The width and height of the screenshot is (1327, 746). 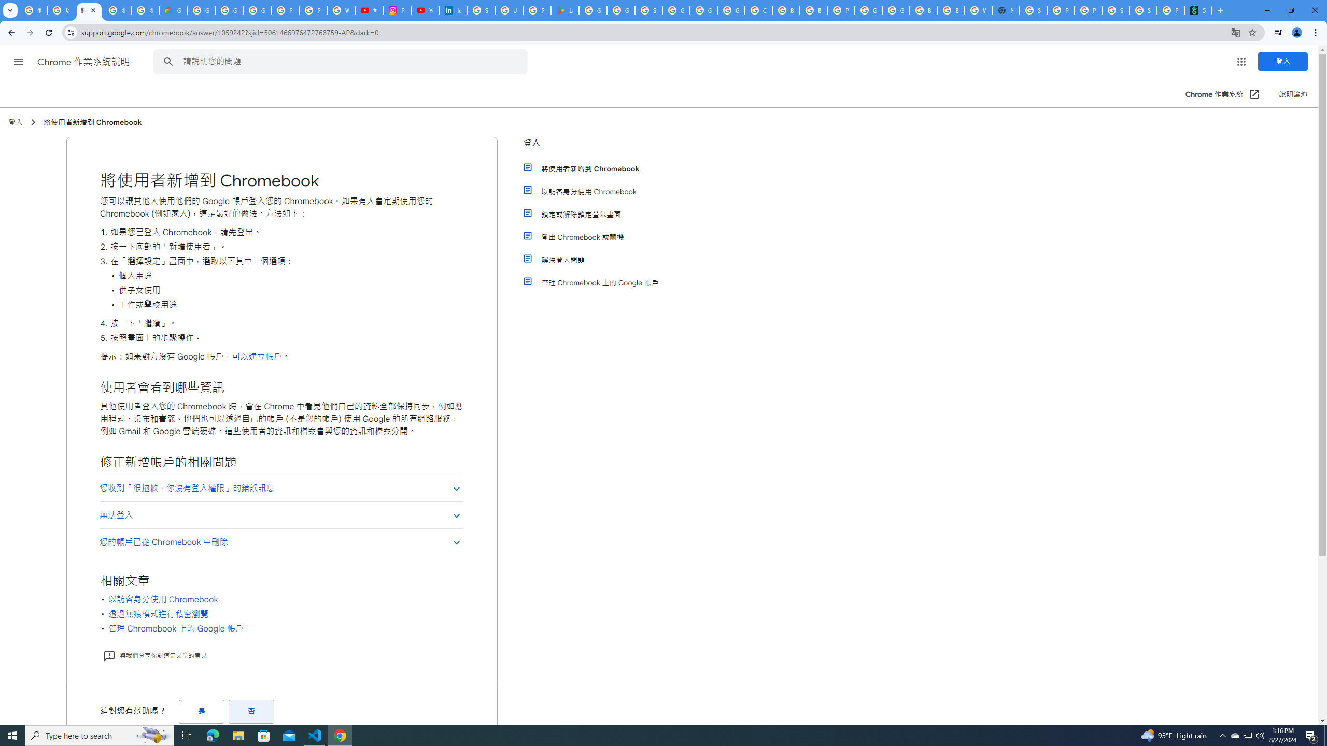 What do you see at coordinates (368, 10) in the screenshot?
I see `'#nbabasketballhighlights - YouTube'` at bounding box center [368, 10].